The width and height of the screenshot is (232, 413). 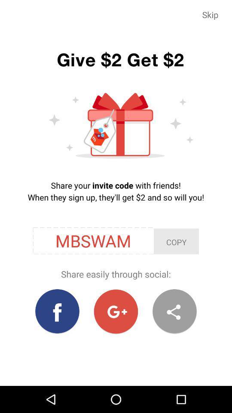 What do you see at coordinates (174, 311) in the screenshot?
I see `share invite code` at bounding box center [174, 311].